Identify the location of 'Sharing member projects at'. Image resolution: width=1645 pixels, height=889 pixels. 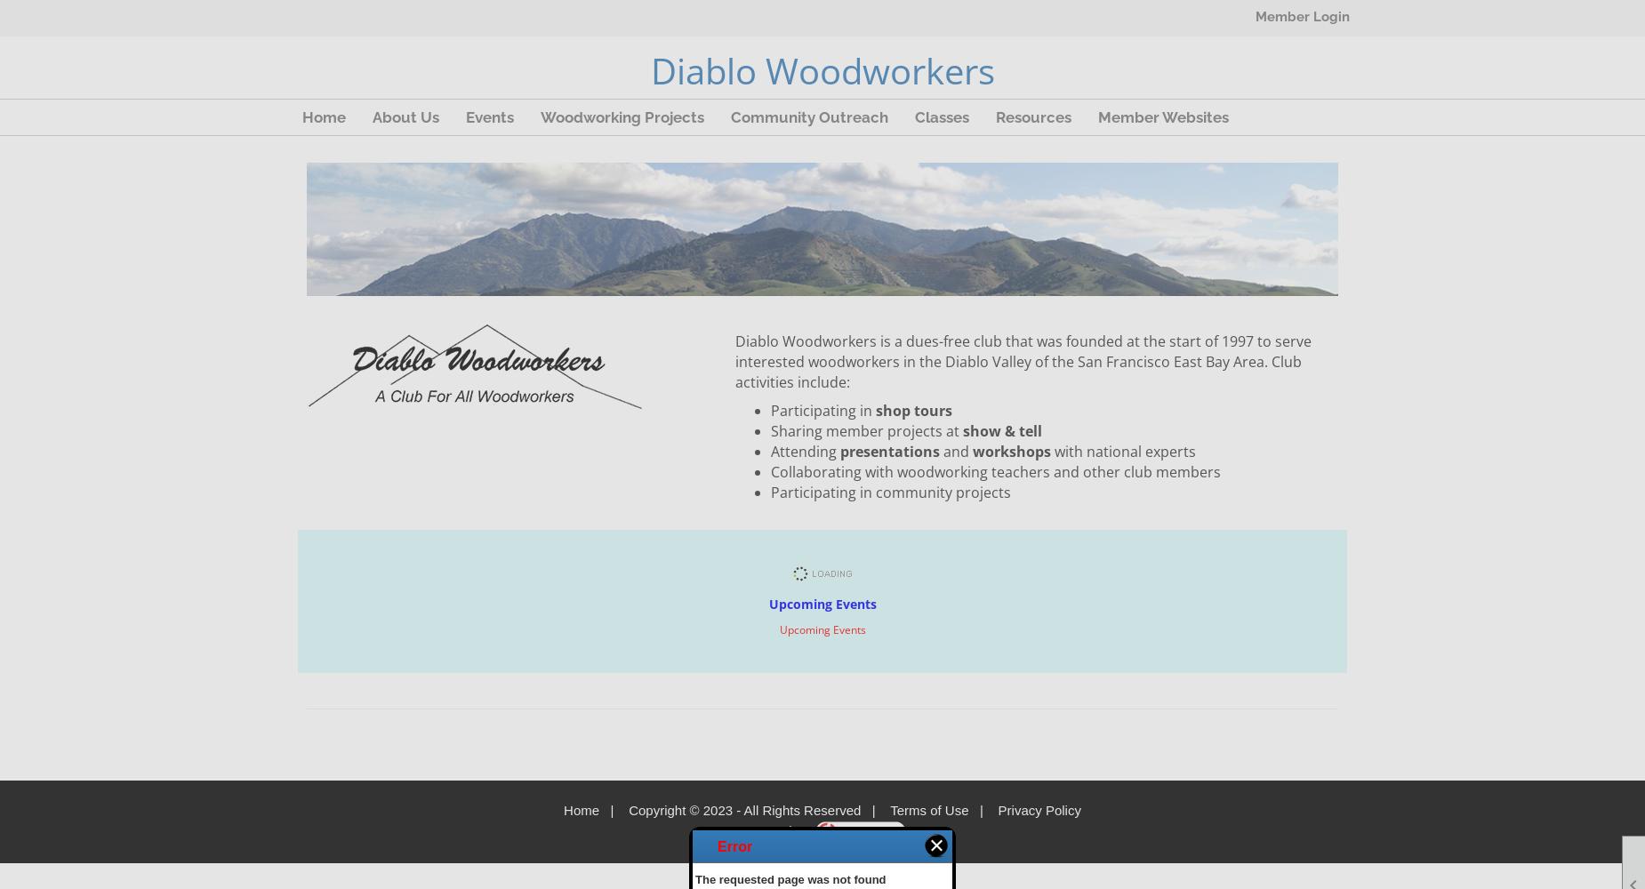
(865, 430).